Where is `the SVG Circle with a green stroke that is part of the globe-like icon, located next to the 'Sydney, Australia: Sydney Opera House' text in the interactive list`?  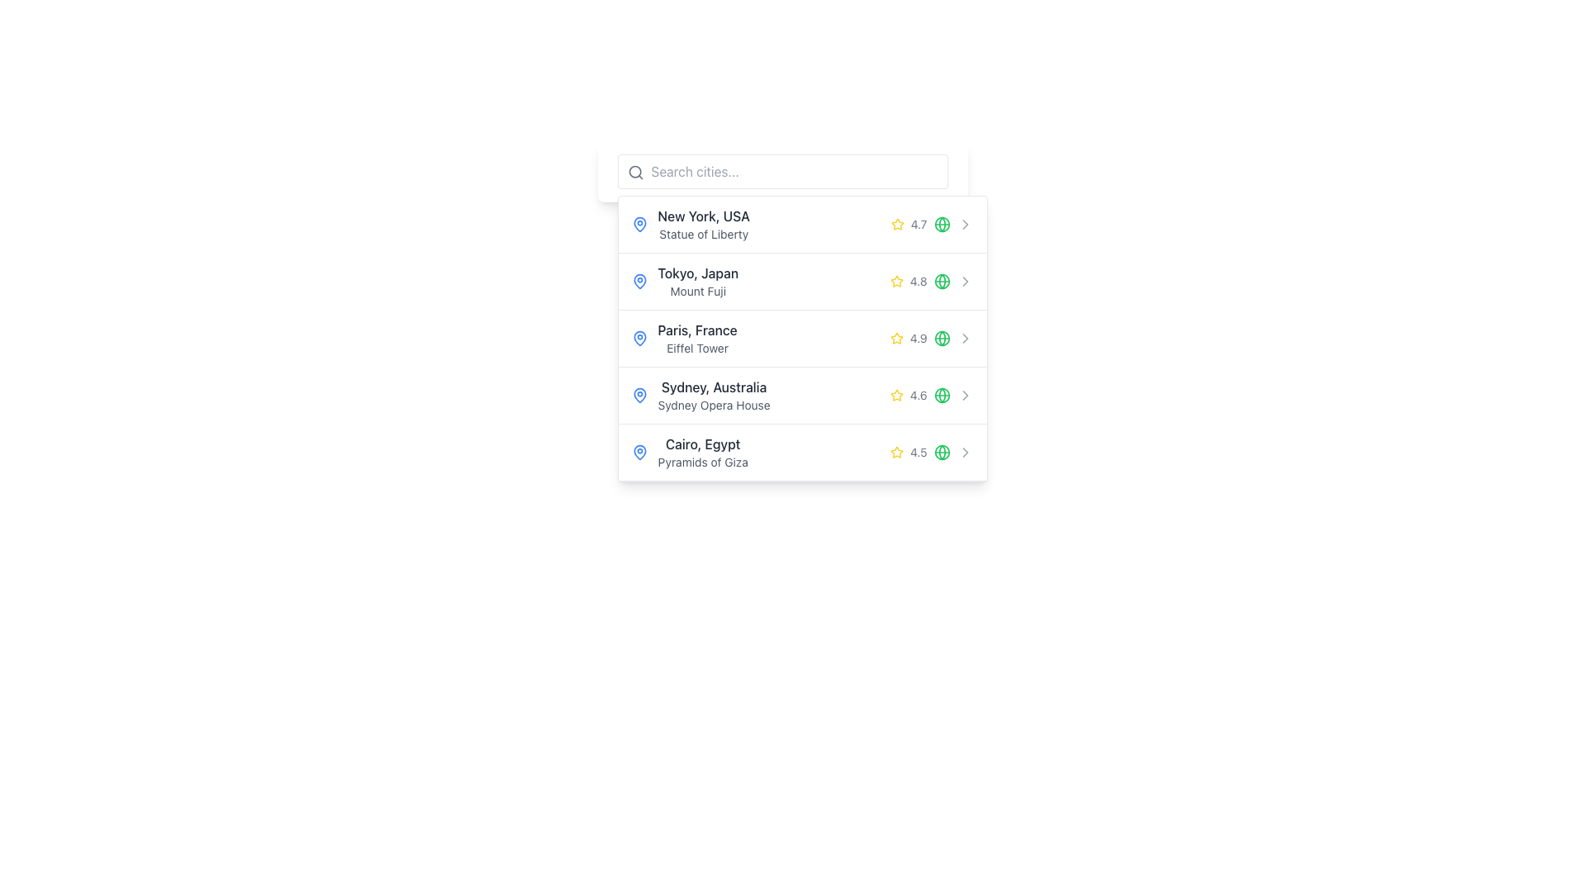
the SVG Circle with a green stroke that is part of the globe-like icon, located next to the 'Sydney, Australia: Sydney Opera House' text in the interactive list is located at coordinates (942, 452).